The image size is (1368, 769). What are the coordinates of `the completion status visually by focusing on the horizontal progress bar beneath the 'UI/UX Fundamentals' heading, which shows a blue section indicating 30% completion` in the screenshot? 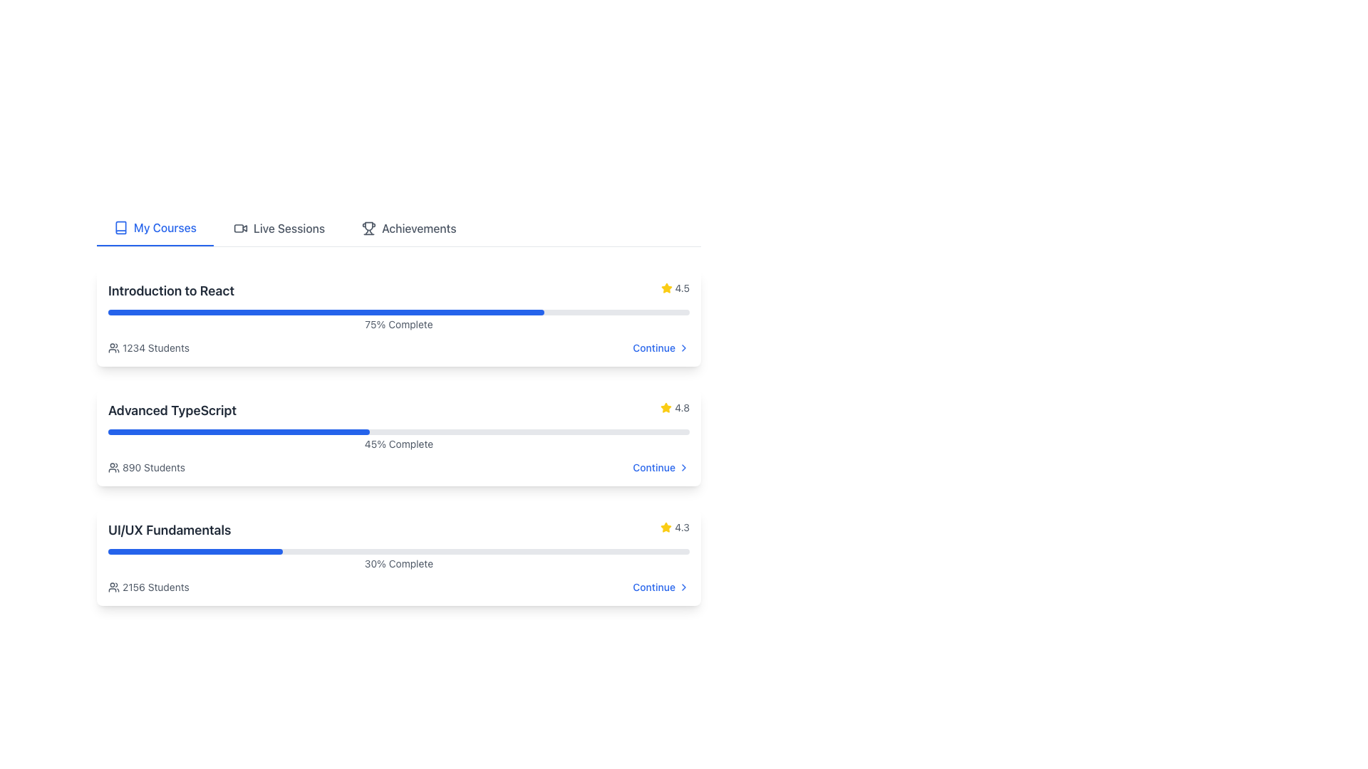 It's located at (399, 551).